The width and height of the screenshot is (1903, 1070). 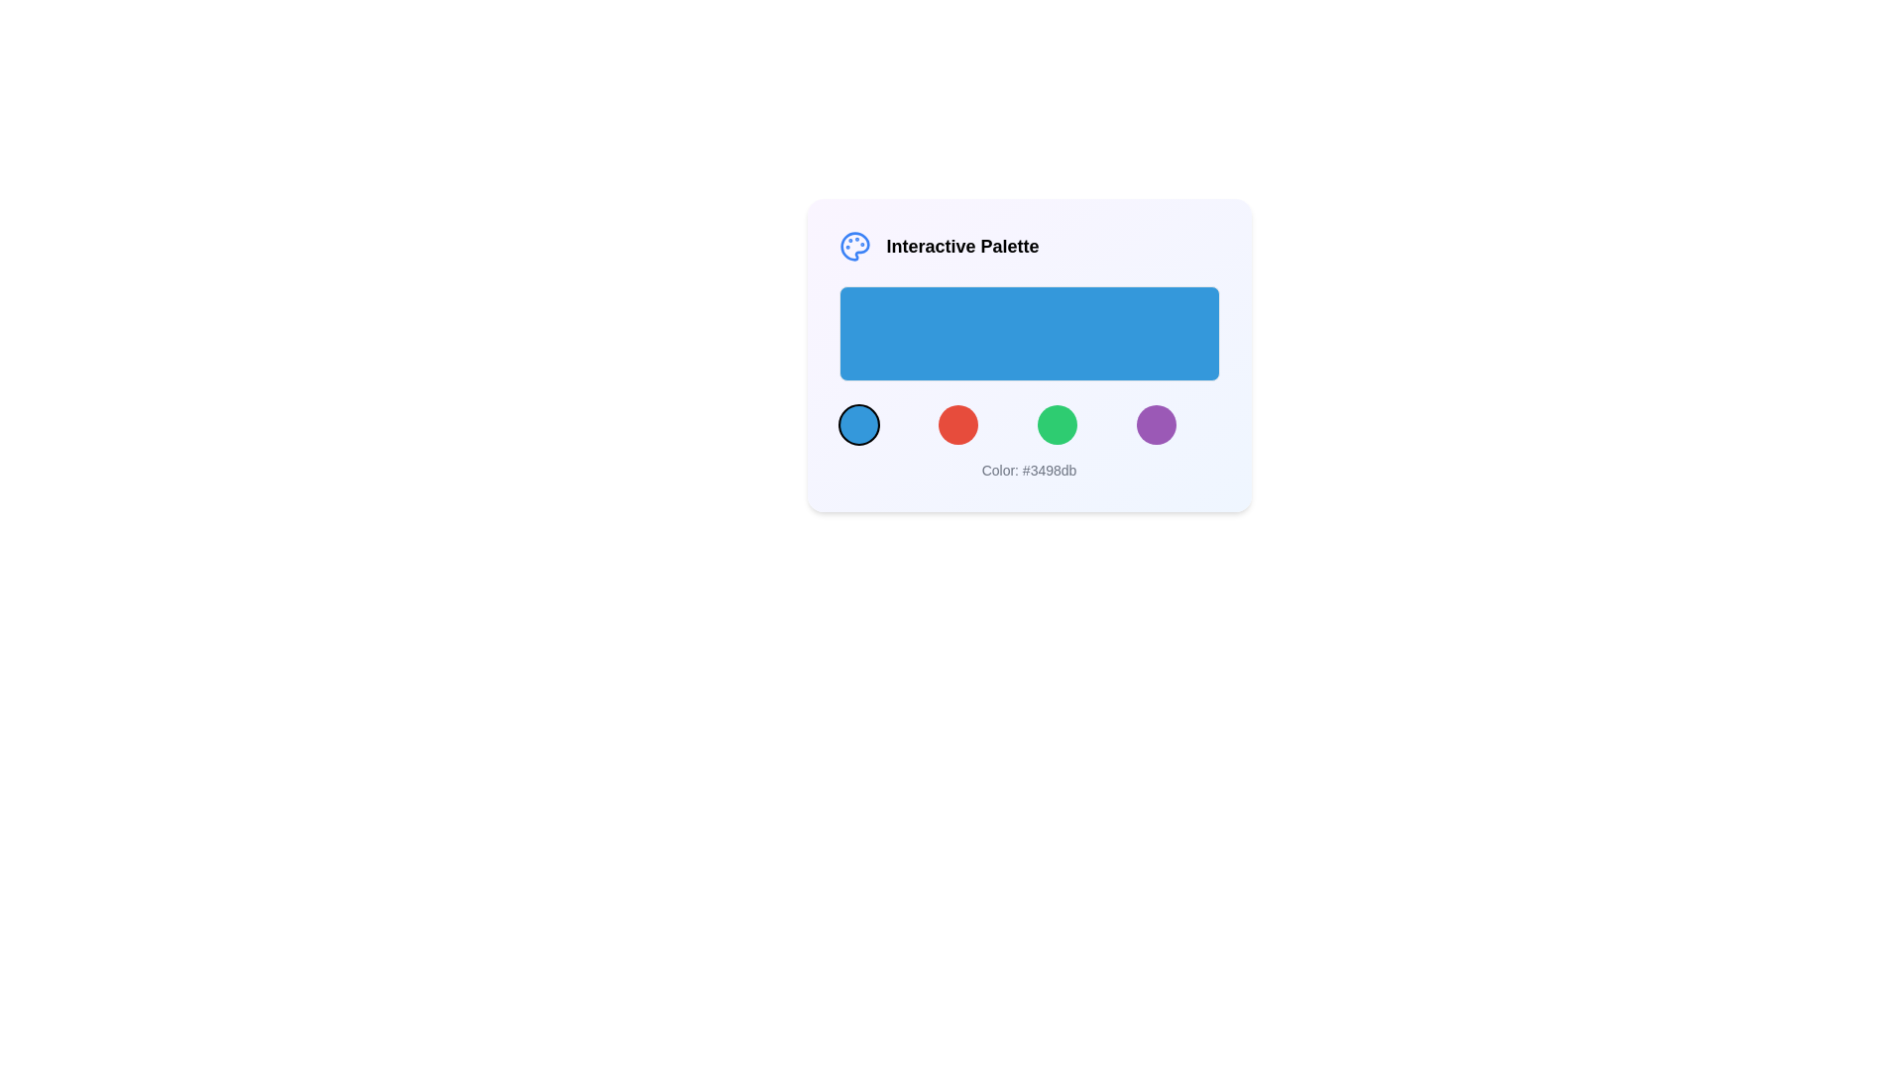 What do you see at coordinates (1156, 423) in the screenshot?
I see `the fourth circular selectable button in the bottom-right section of the grid` at bounding box center [1156, 423].